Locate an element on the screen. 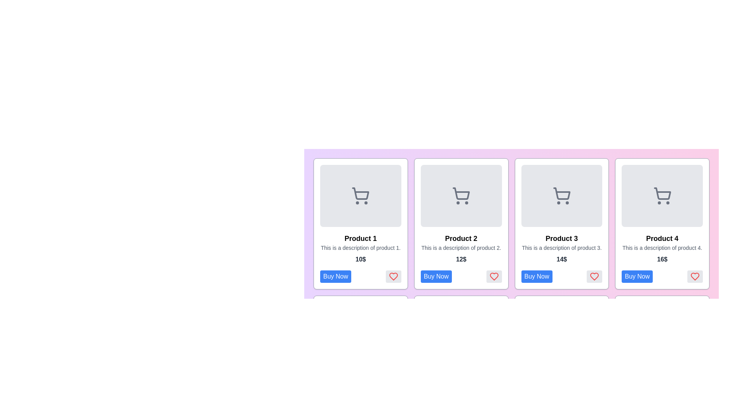 Image resolution: width=746 pixels, height=419 pixels. the button located at the bottom-right side of the 'Product 4' card is located at coordinates (662, 276).